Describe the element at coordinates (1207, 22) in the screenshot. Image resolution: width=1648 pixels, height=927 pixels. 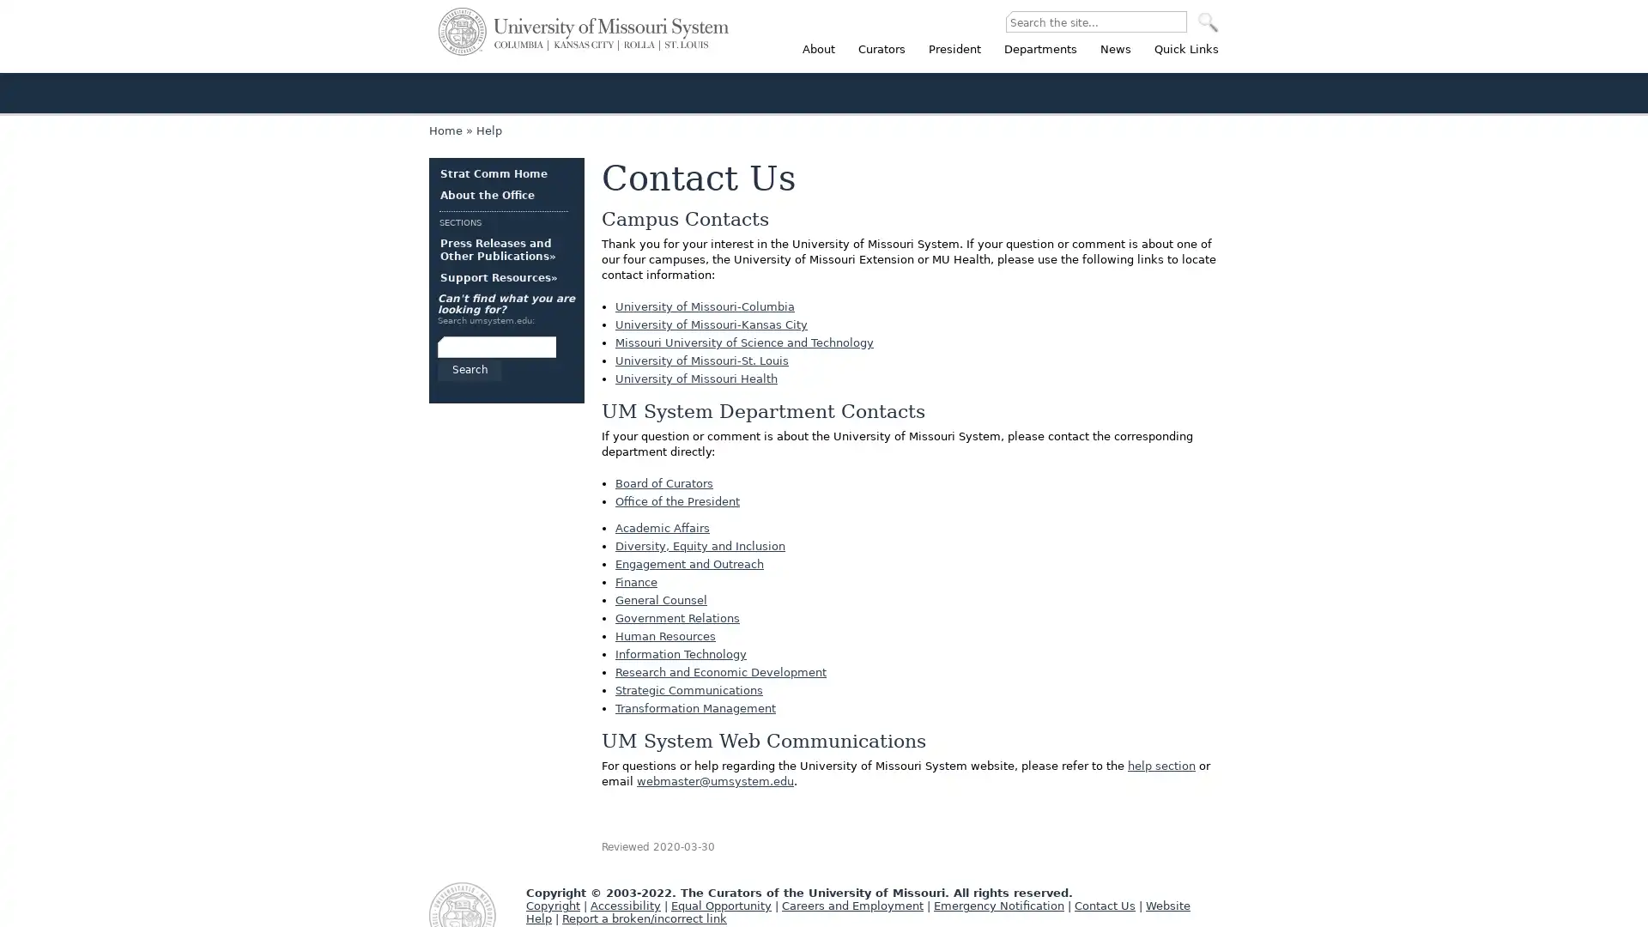
I see `SEARCH` at that location.